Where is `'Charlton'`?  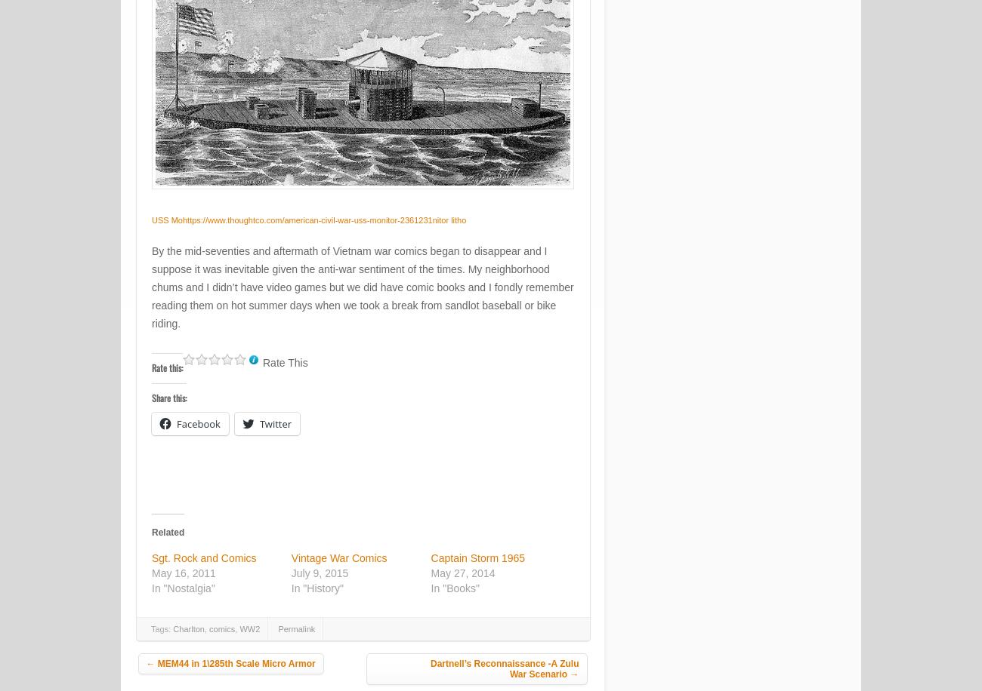
'Charlton' is located at coordinates (187, 629).